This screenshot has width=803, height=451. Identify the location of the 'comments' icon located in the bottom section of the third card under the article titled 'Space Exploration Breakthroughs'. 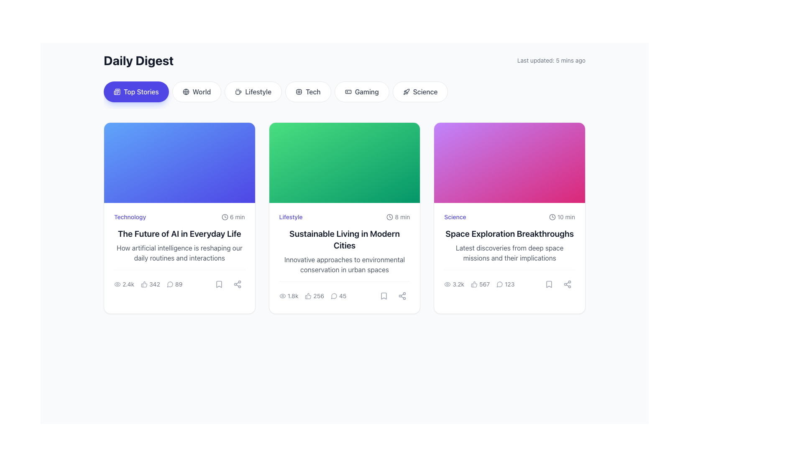
(500, 284).